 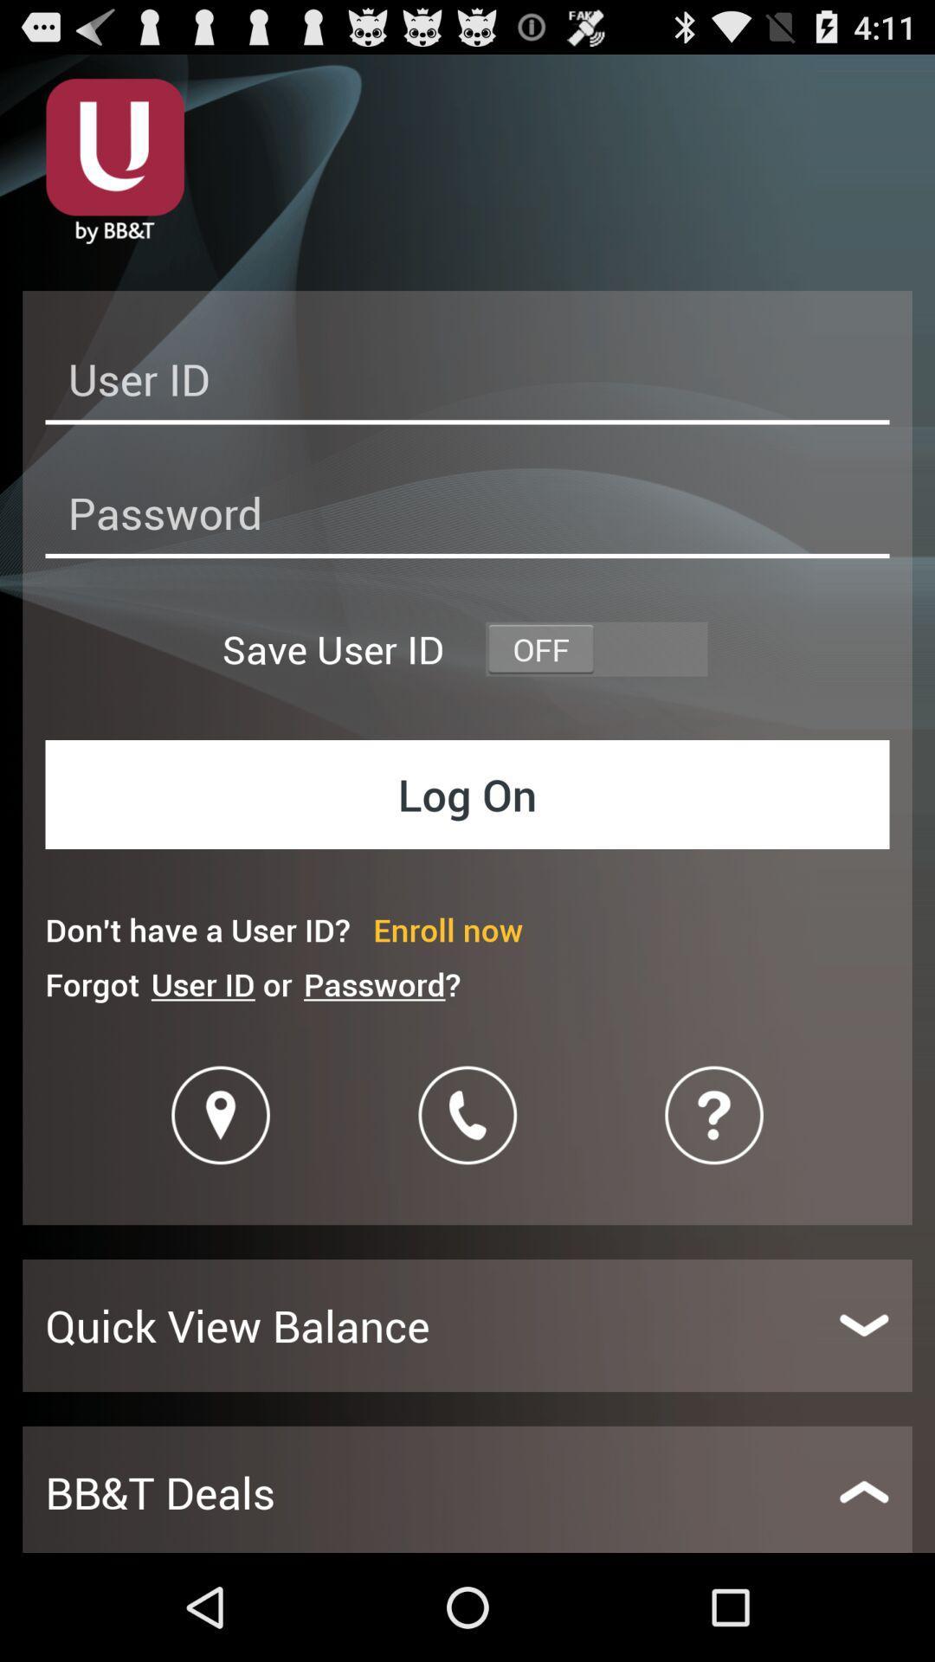 What do you see at coordinates (467, 793) in the screenshot?
I see `item above the don t have item` at bounding box center [467, 793].